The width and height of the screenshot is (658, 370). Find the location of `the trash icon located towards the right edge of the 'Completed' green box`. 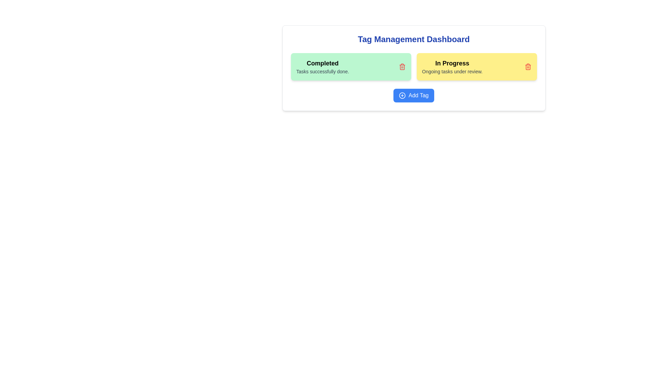

the trash icon located towards the right edge of the 'Completed' green box is located at coordinates (402, 67).